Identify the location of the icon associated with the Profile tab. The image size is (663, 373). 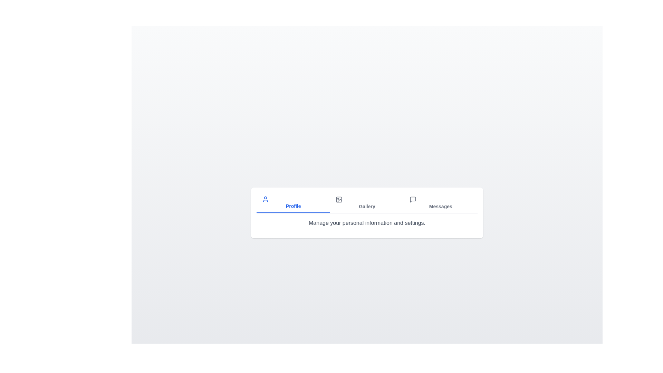
(265, 199).